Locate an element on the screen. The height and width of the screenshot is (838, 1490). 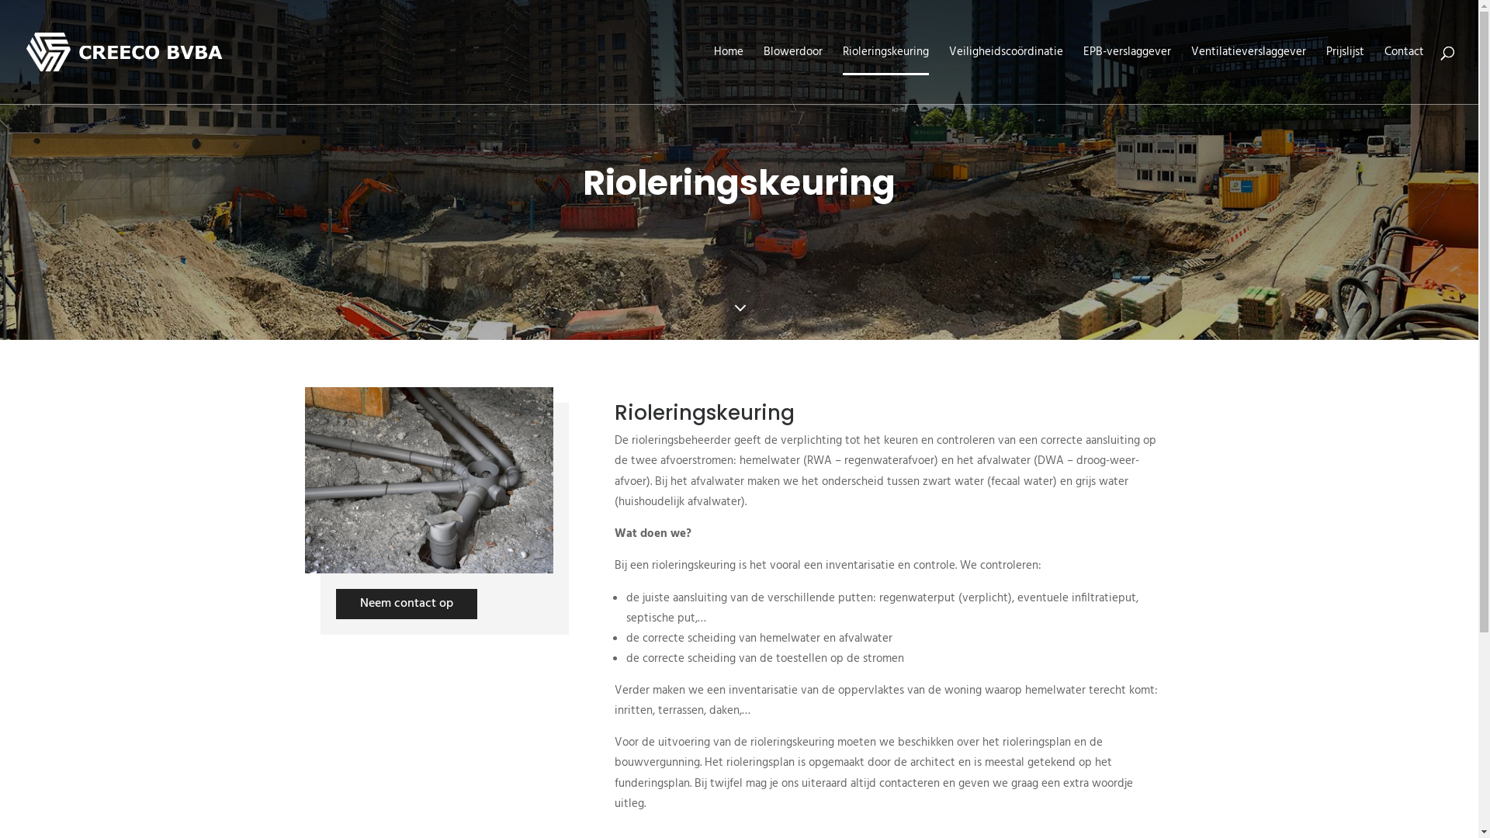
'Ventilatieverslaggever' is located at coordinates (1248, 74).